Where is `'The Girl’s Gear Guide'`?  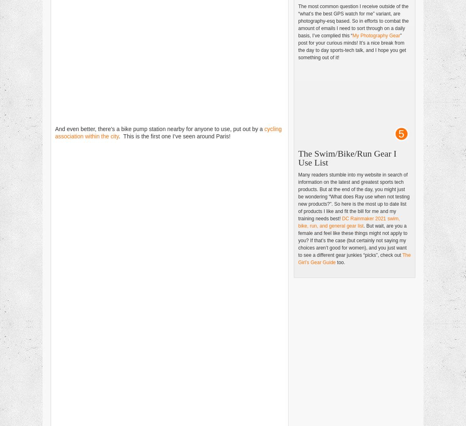 'The Girl’s Gear Guide' is located at coordinates (354, 258).